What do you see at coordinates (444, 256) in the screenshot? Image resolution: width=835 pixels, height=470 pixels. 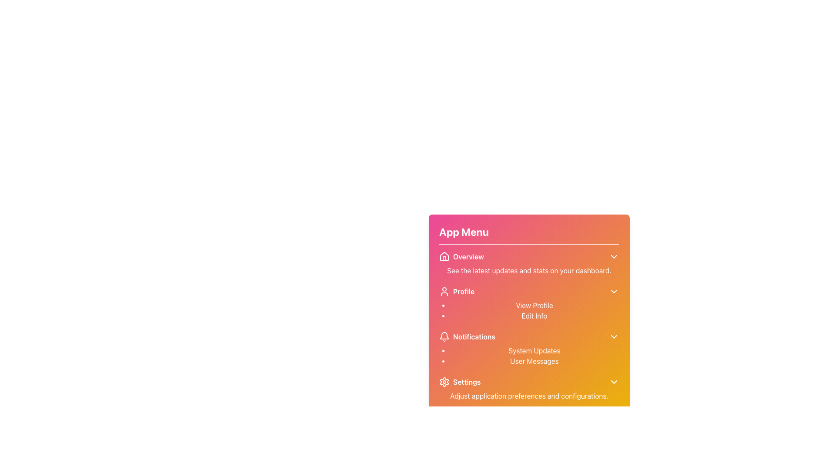 I see `the house icon located at the upper-left corner of the 'App Menu'` at bounding box center [444, 256].